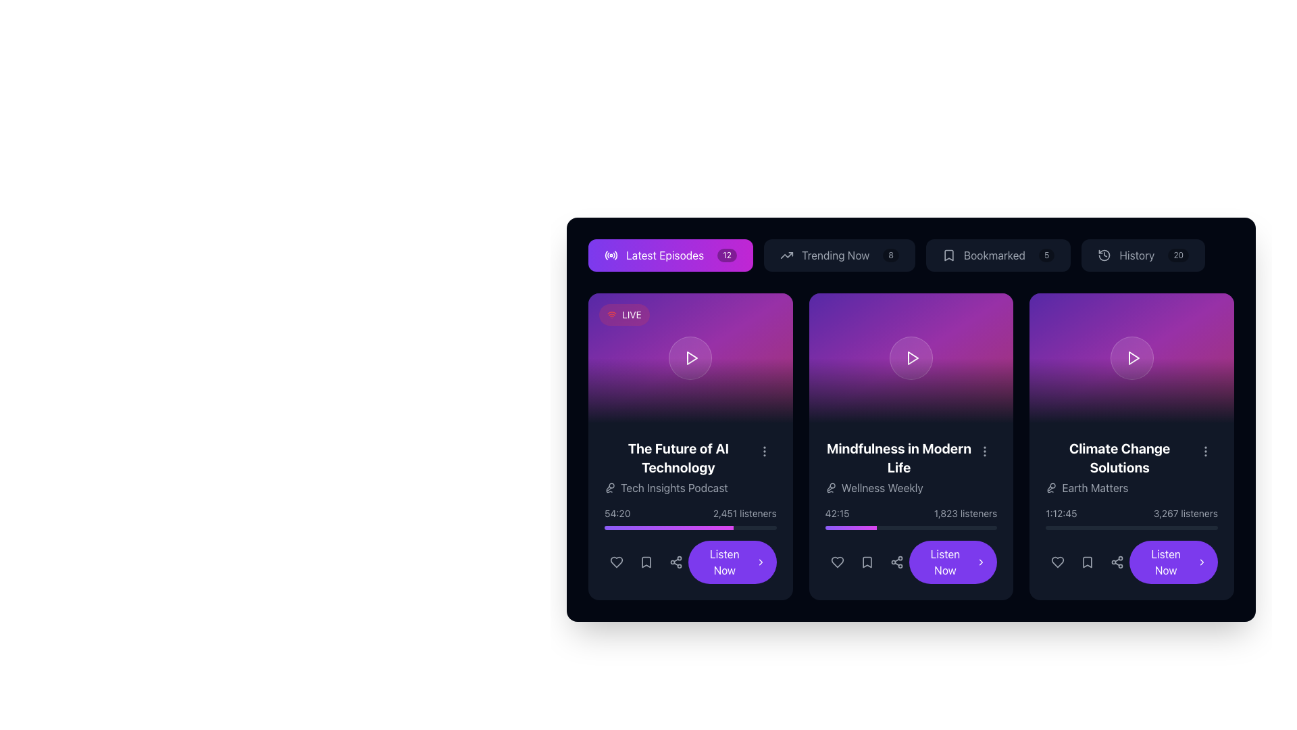 This screenshot has height=730, width=1297. What do you see at coordinates (1131, 544) in the screenshot?
I see `text displayed in the Label element located at the bottom section of the 'Climate Change Solutions' card, which shows a progress time indicator and a count of listeners` at bounding box center [1131, 544].